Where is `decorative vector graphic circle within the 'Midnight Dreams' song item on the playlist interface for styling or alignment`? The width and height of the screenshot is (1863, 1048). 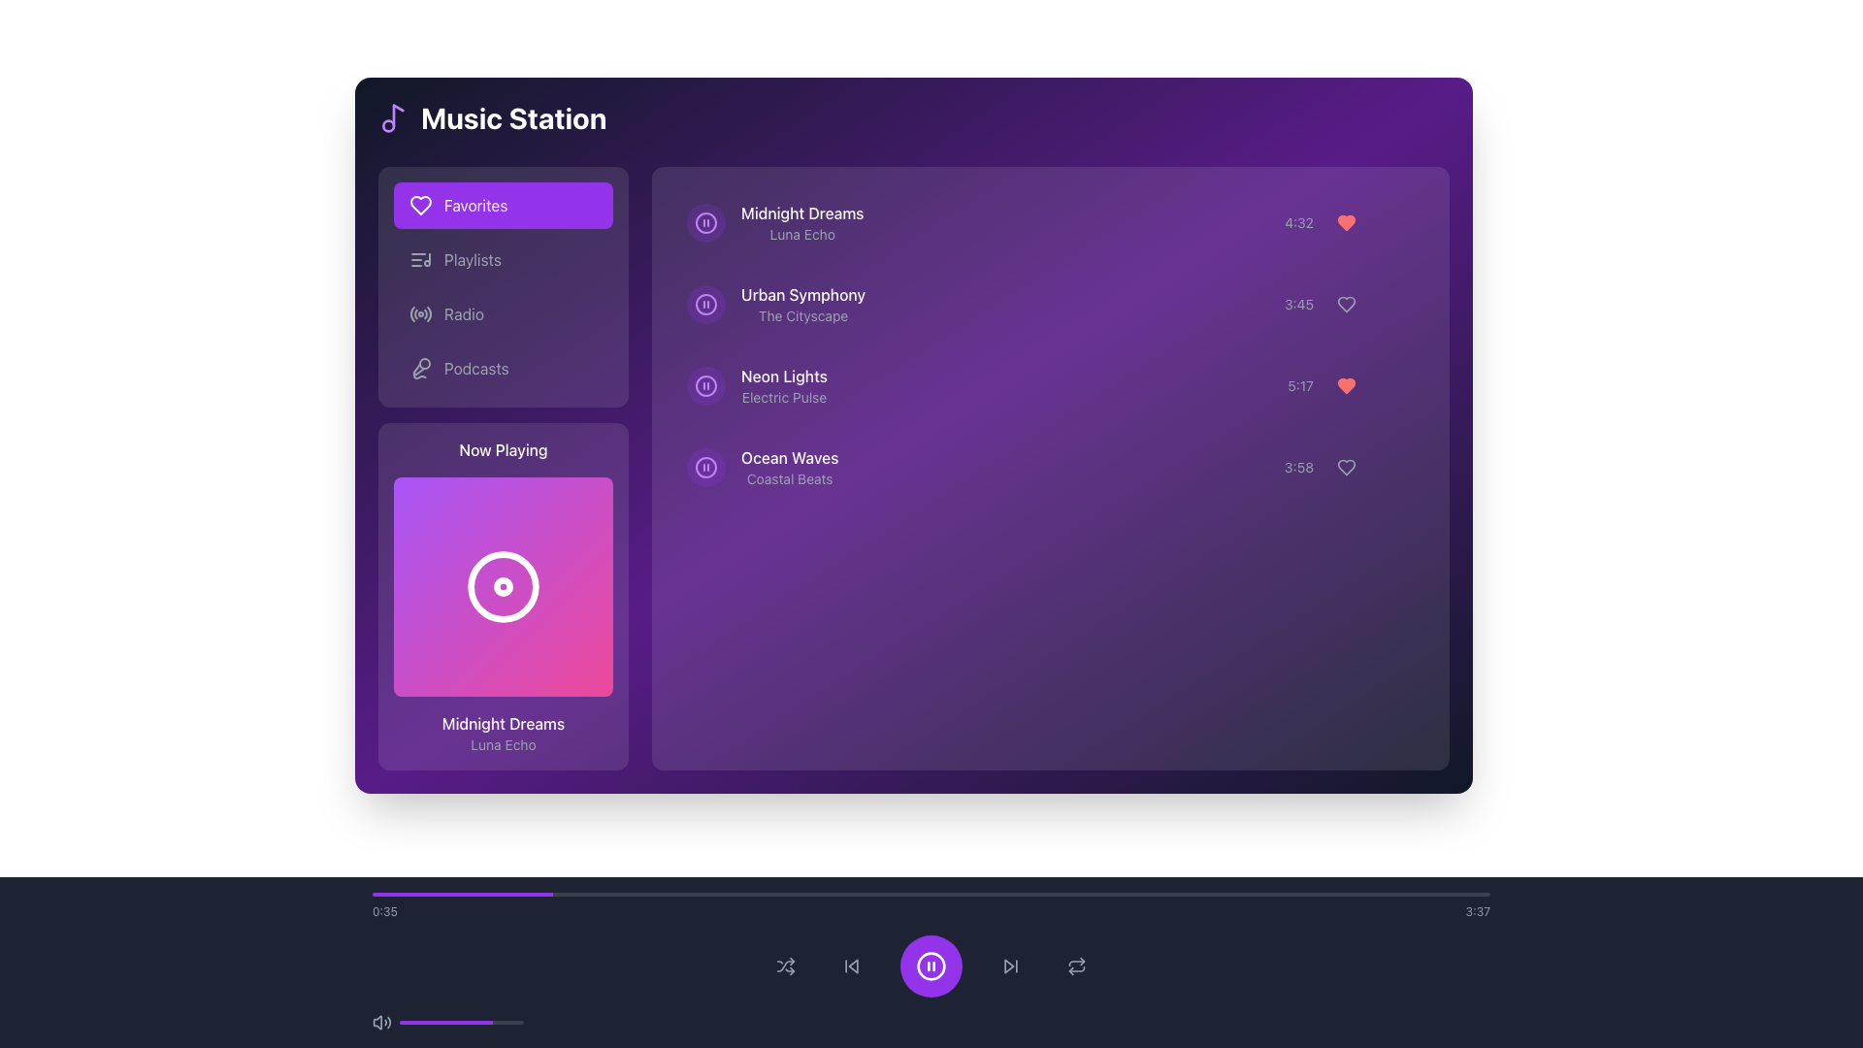 decorative vector graphic circle within the 'Midnight Dreams' song item on the playlist interface for styling or alignment is located at coordinates (705, 222).